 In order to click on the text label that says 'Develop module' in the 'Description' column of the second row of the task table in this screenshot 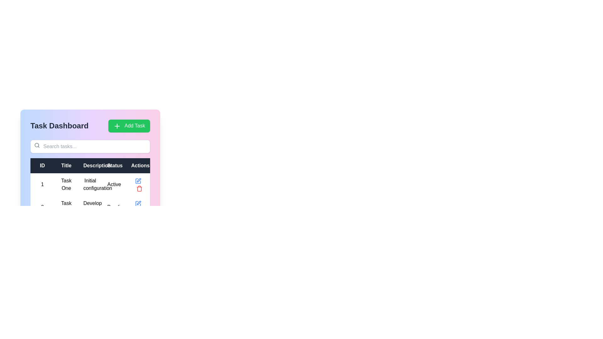, I will do `click(90, 207)`.